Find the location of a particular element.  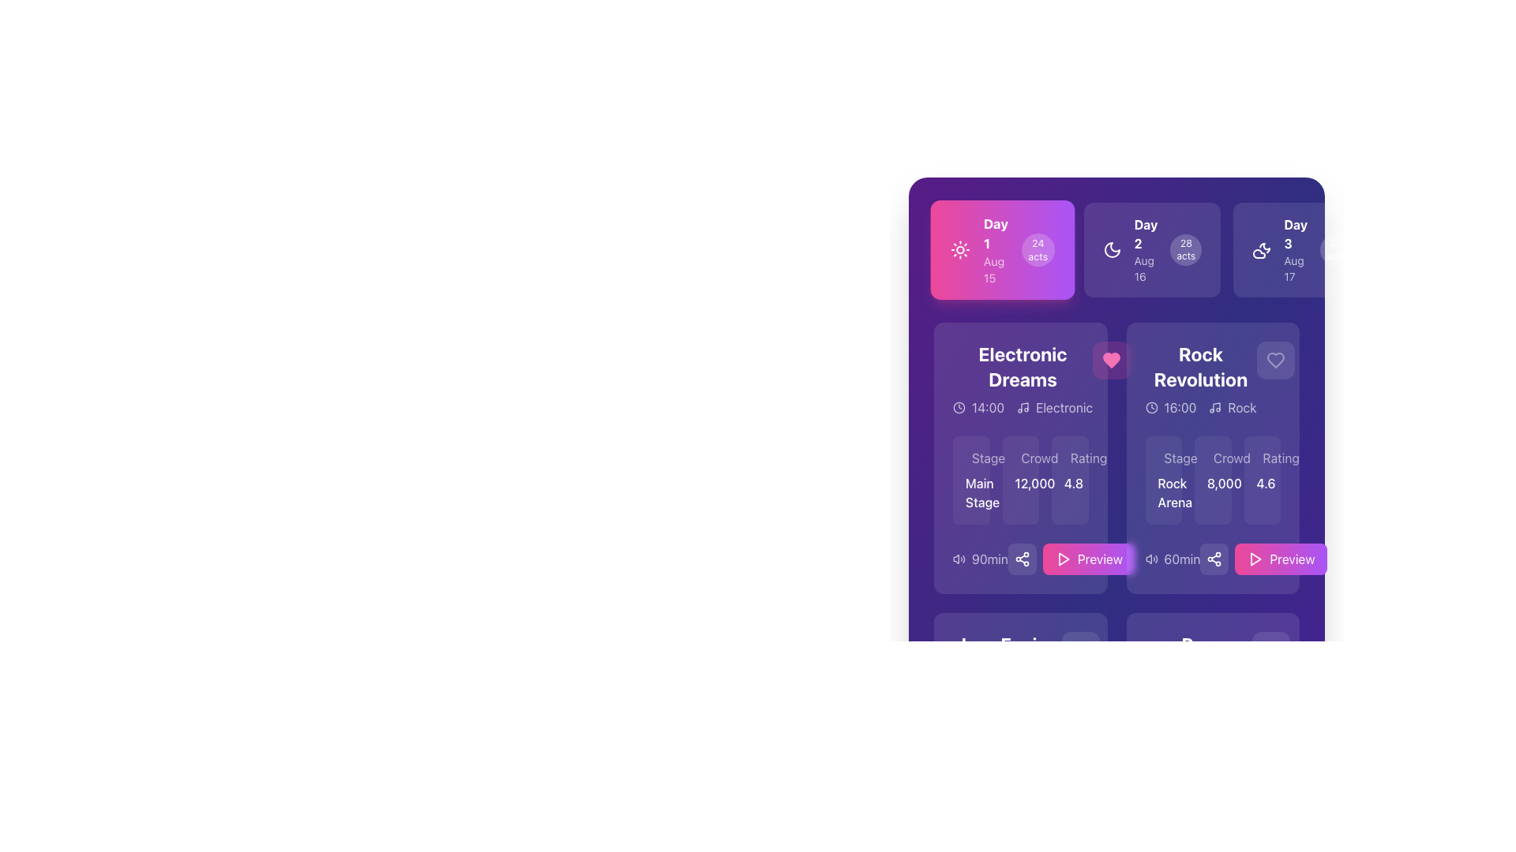

the informational badge displaying the total number of acts scheduled for the day, located at the top-right corner of the card for 'Day 3, Aug 17' is located at coordinates (1335, 248).